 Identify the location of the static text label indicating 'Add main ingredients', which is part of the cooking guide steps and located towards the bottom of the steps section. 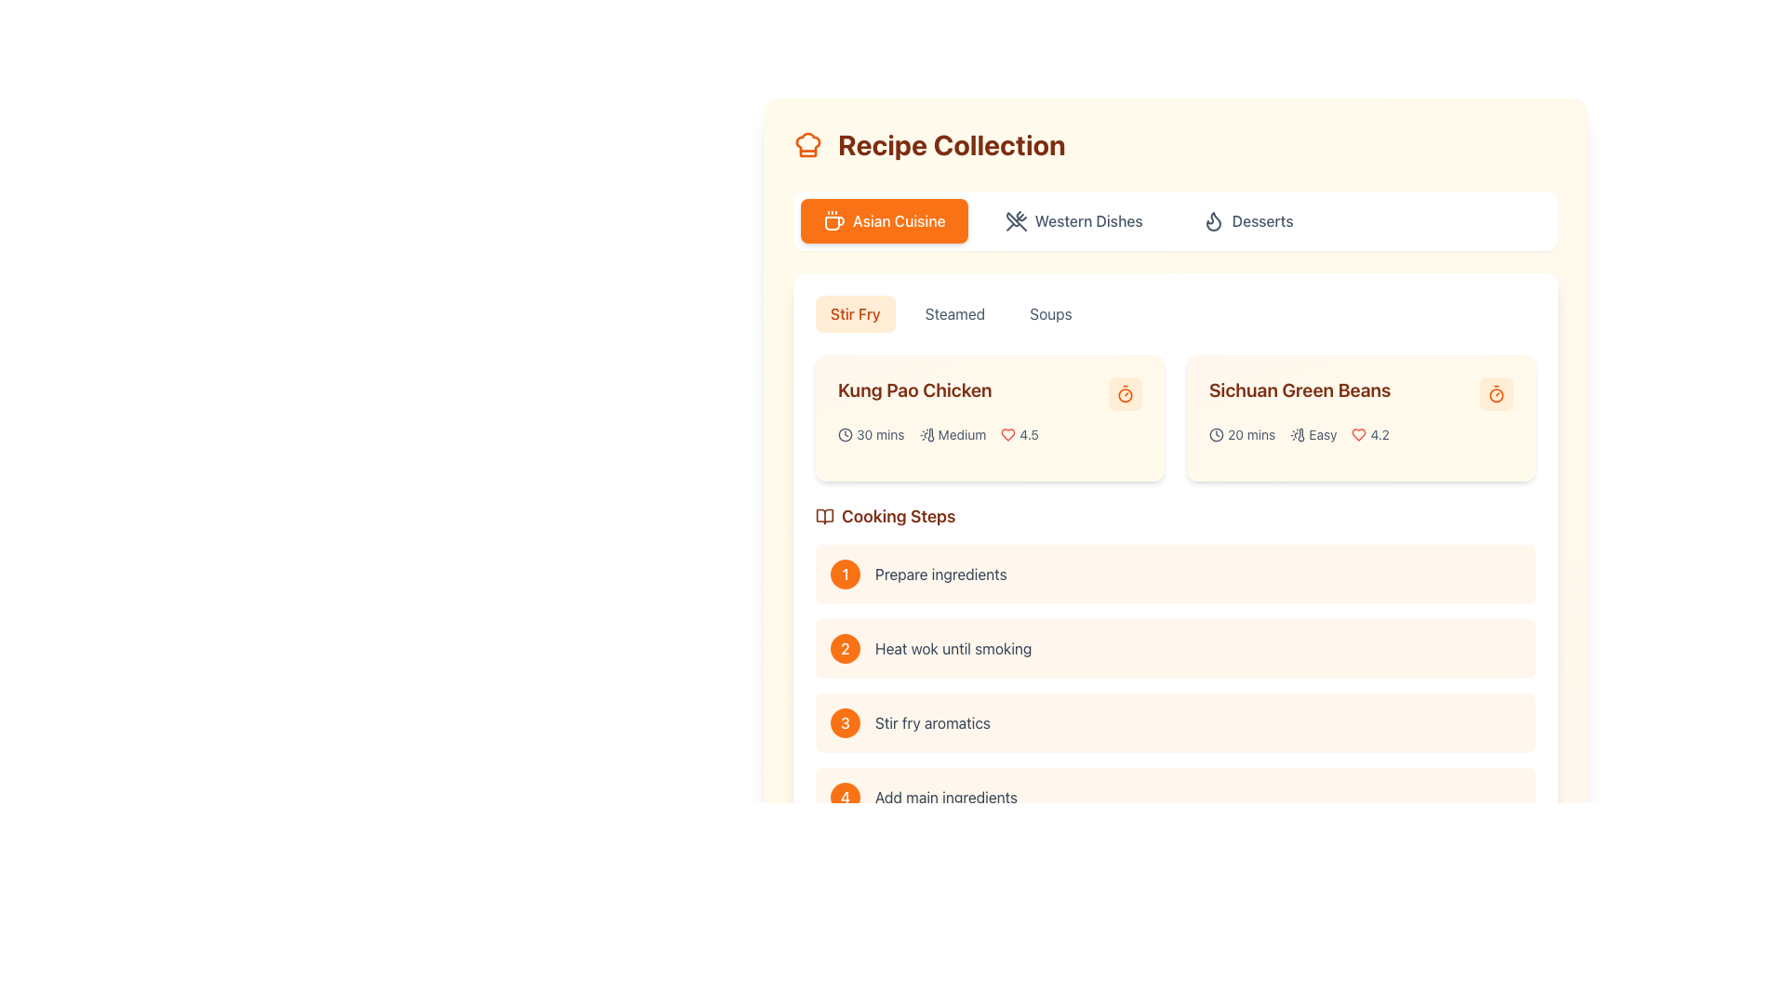
(946, 796).